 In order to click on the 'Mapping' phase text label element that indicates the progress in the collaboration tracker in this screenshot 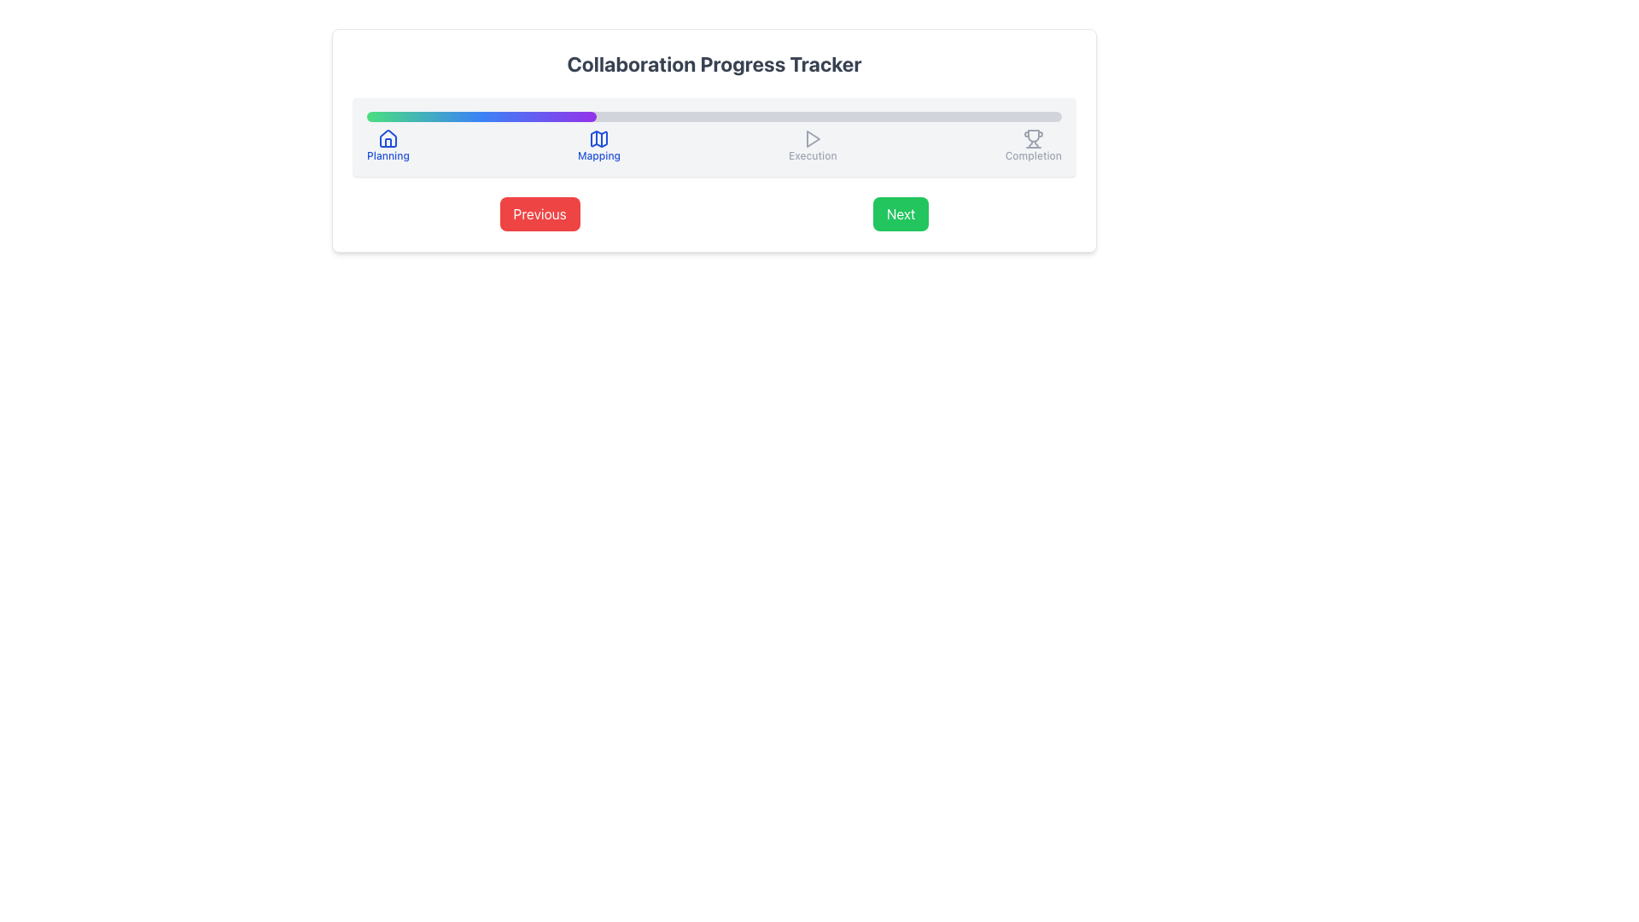, I will do `click(598, 155)`.